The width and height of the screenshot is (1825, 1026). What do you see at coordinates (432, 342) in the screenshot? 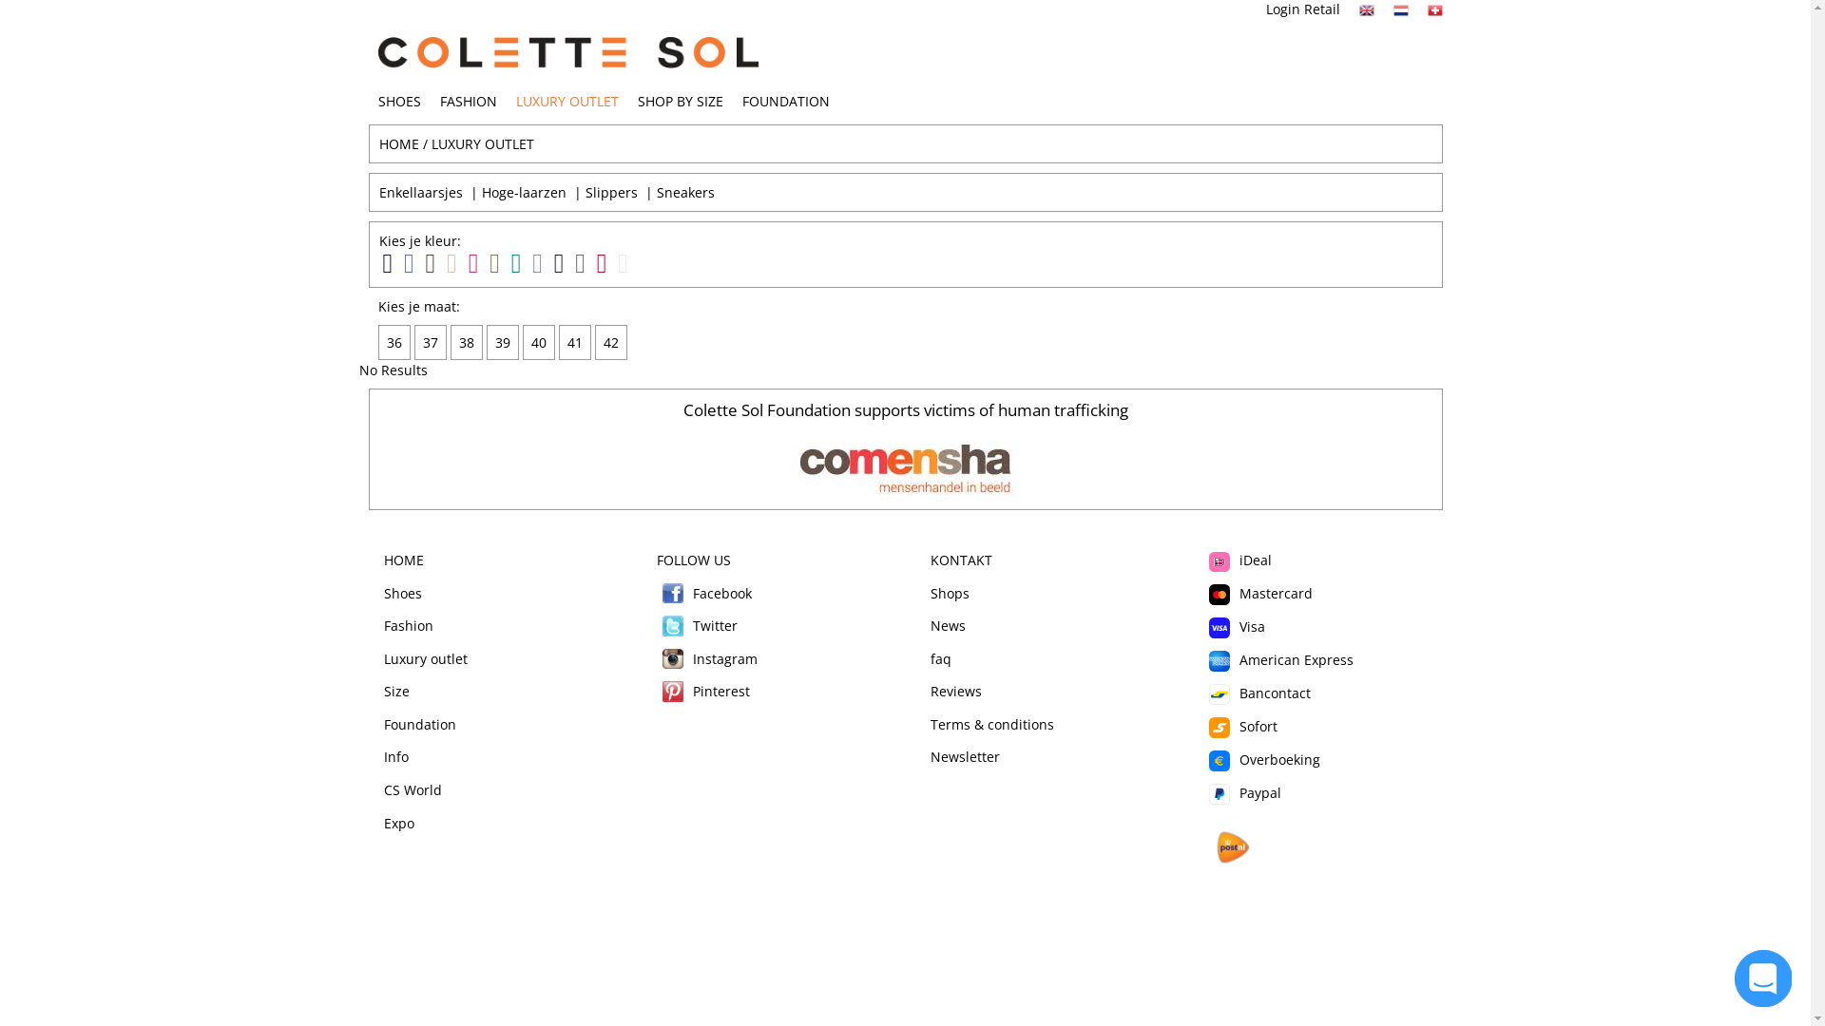
I see `'37 '` at bounding box center [432, 342].